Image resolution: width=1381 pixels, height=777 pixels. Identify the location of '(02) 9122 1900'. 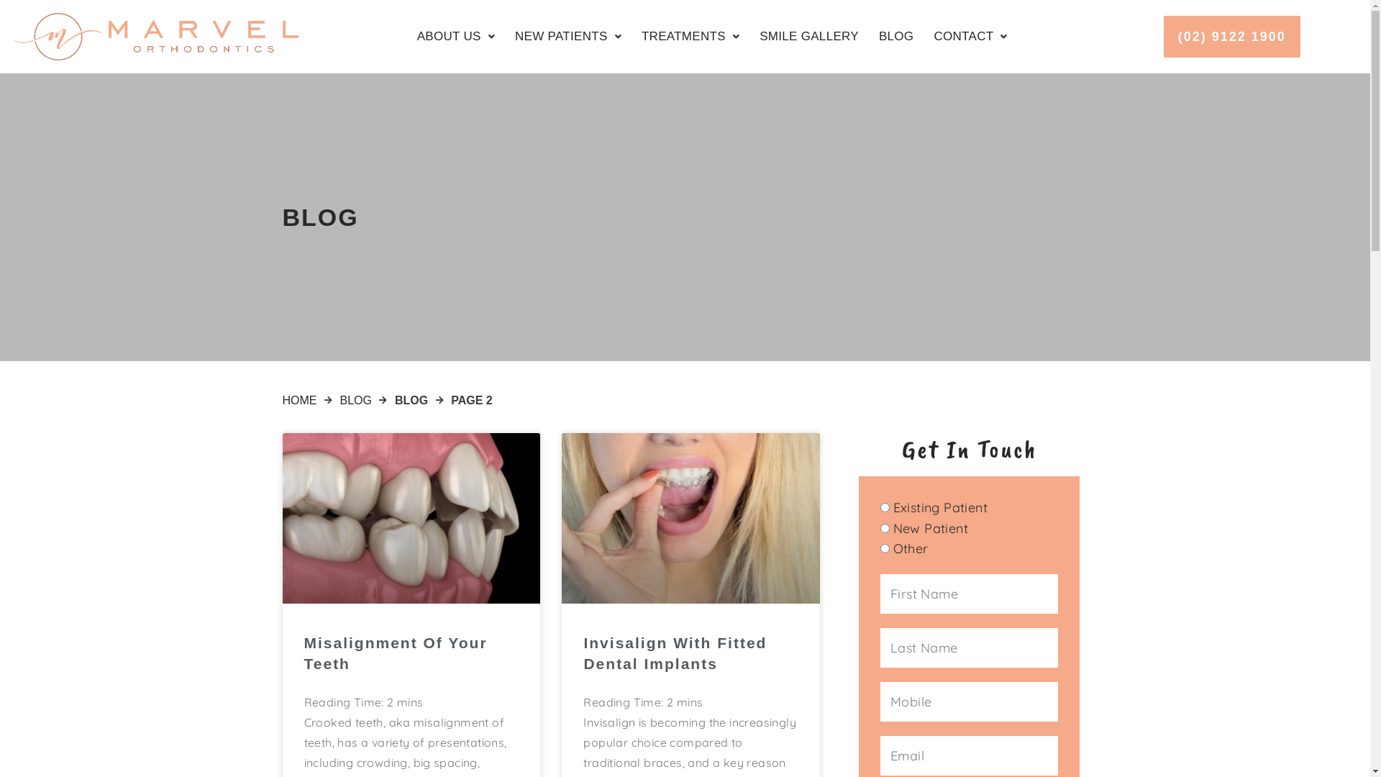
(1231, 35).